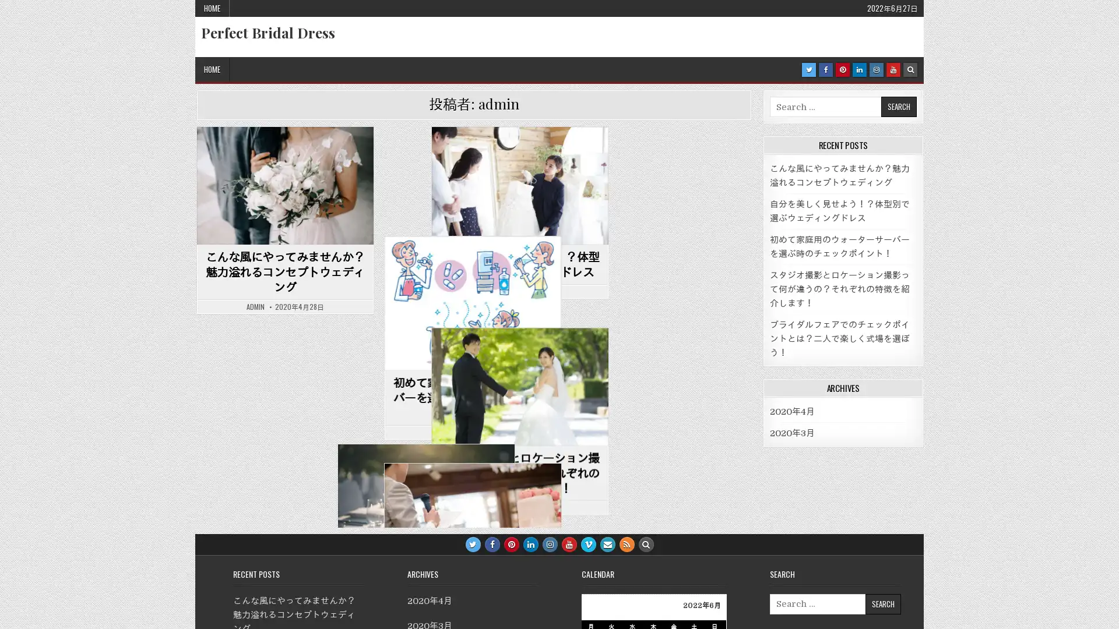  I want to click on Search, so click(898, 107).